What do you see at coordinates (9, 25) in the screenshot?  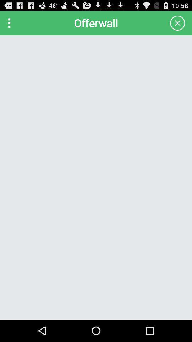 I see `the more icon` at bounding box center [9, 25].